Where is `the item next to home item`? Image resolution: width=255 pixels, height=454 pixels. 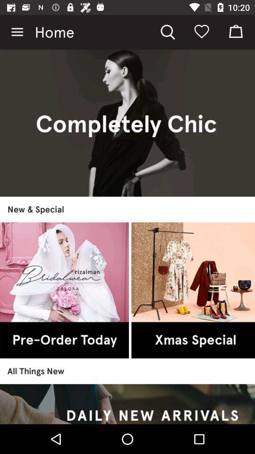 the item next to home item is located at coordinates (17, 32).